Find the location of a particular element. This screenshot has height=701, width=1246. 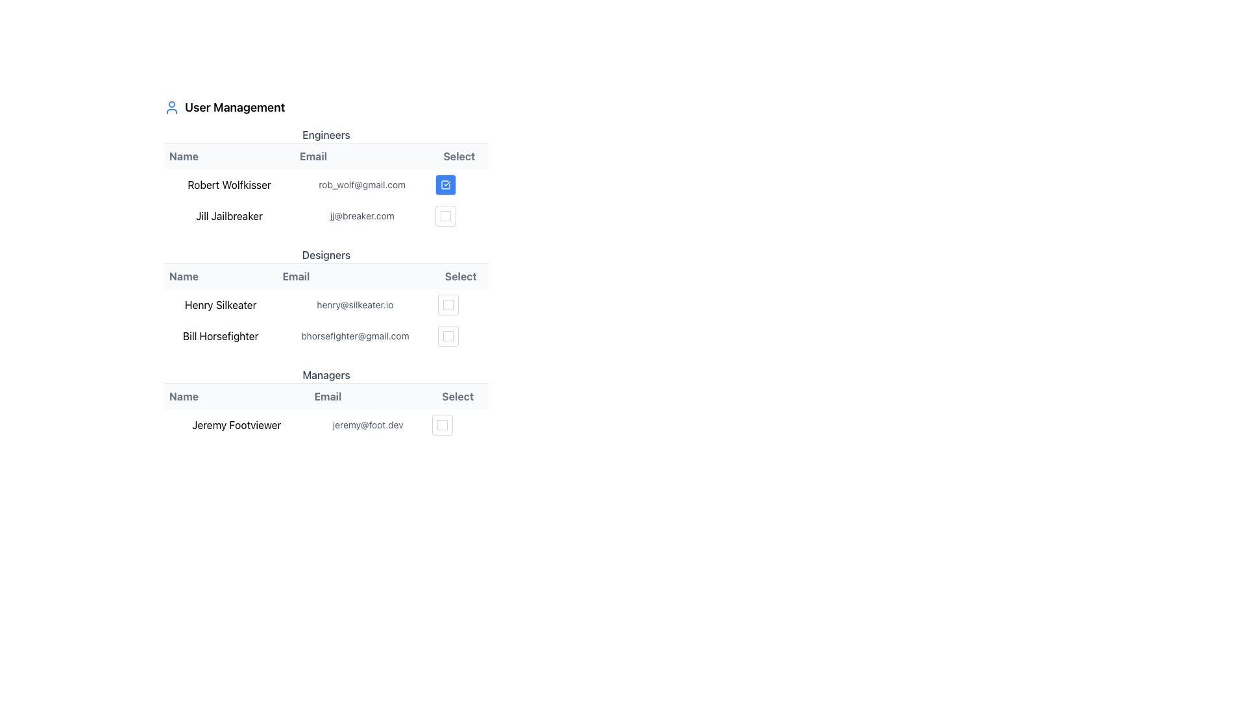

the text label displaying 'Engineers' which is located at the top of the section titled 'Engineers' and is horizontally centered above a table is located at coordinates (326, 135).